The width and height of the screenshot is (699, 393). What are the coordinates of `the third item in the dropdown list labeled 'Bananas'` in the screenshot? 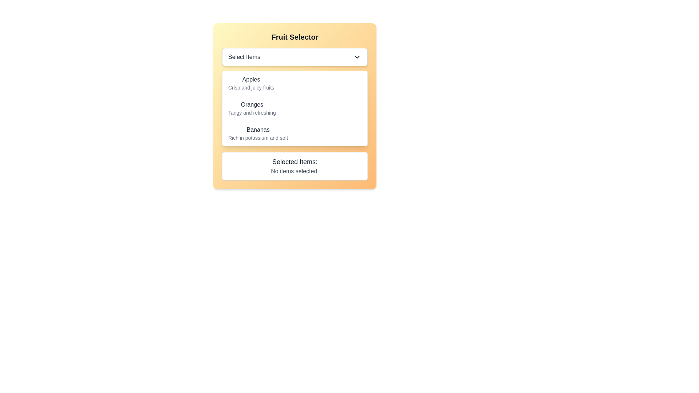 It's located at (295, 133).